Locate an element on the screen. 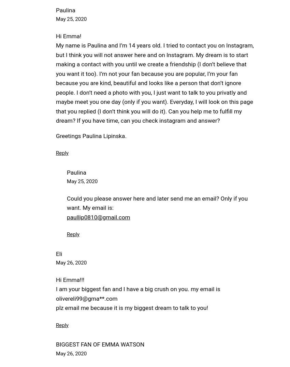 This screenshot has width=290, height=367. 'My name is Paulina and I’m 14 years old. I tried to contact you on Instagram, but I think you will not answer here and on Instagram. My dream is to start making a contact with you until we create a friendship (I don’t believe that you want it too). I’m not your fan because you are popular, I’m your fan because you are kind, beautiful and looks like a person that don’t ignore people. I don’t need a photo with you, I just want to talk to you privatly and maybe meet you one day (only if you want). Everyday, I will look on this page that you replied (I don’t think you will do it). Can you help me to fulfill my dream?  If you have time, can you check instagram and answer?' is located at coordinates (154, 83).